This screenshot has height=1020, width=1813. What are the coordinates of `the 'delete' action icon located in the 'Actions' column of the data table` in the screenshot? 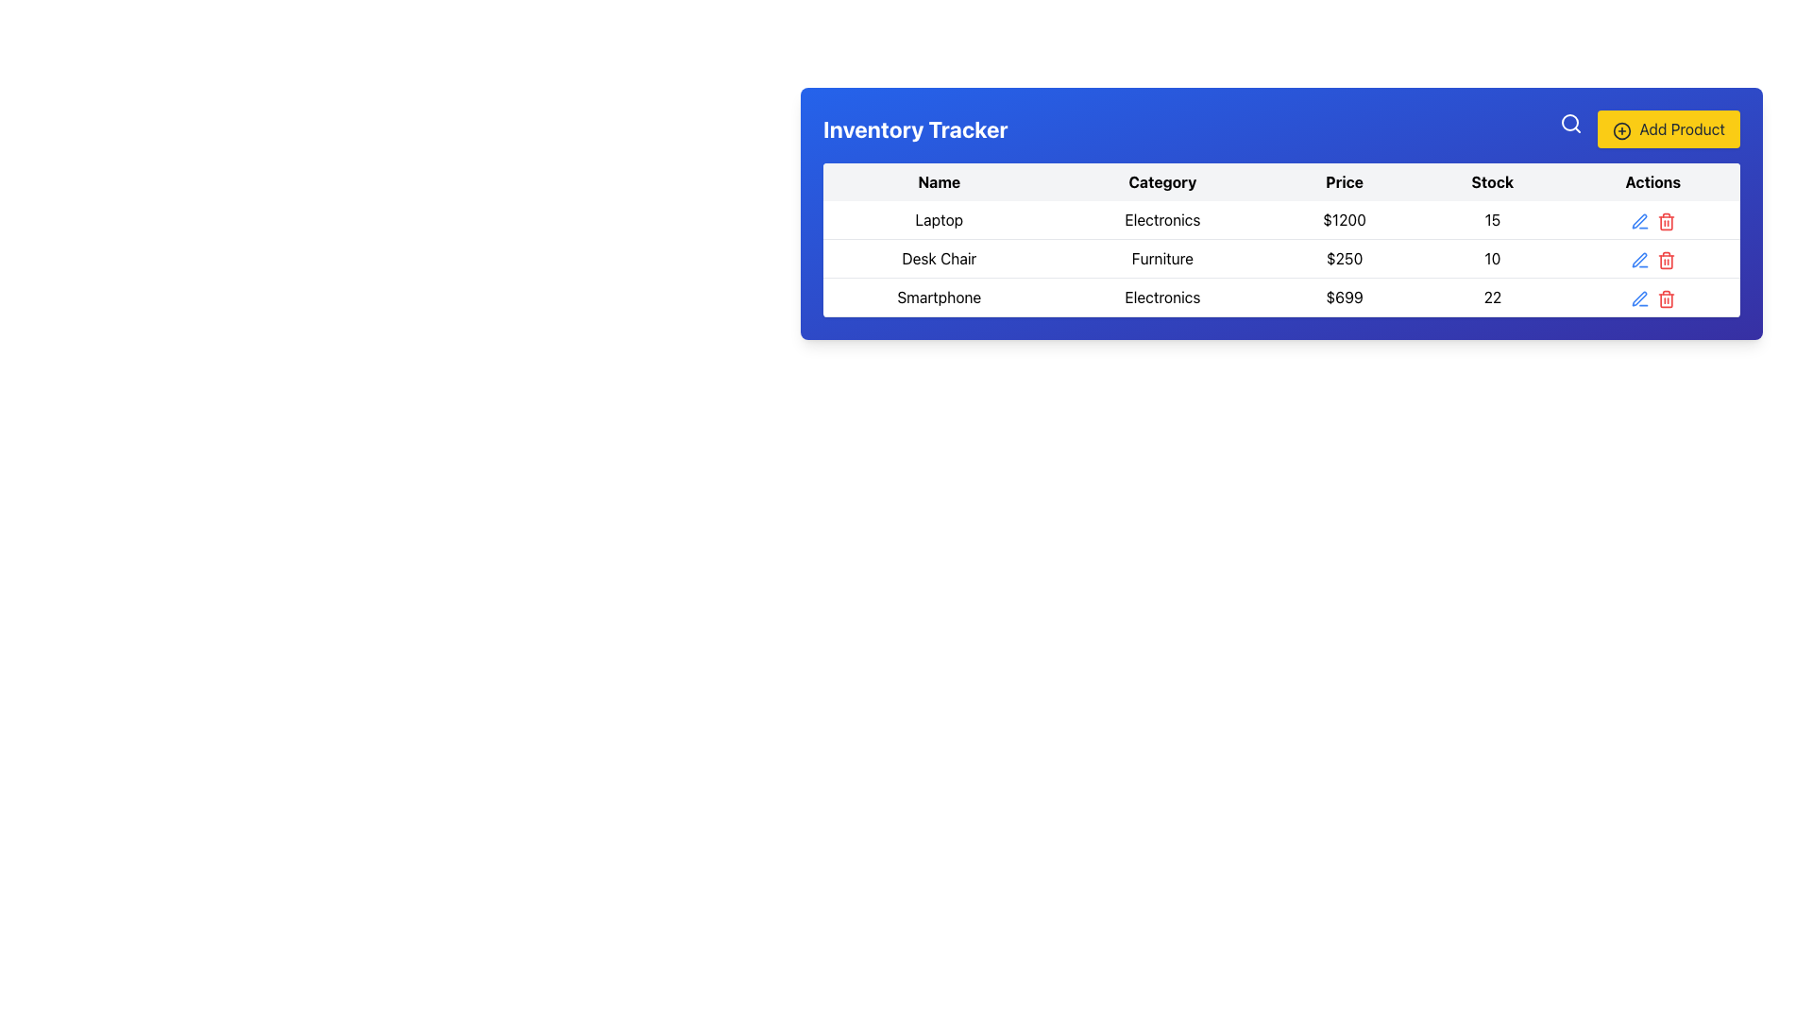 It's located at (1666, 262).